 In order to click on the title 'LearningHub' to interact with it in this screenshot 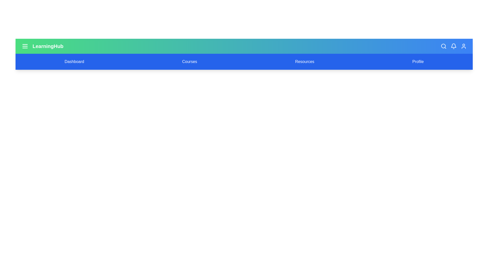, I will do `click(48, 46)`.